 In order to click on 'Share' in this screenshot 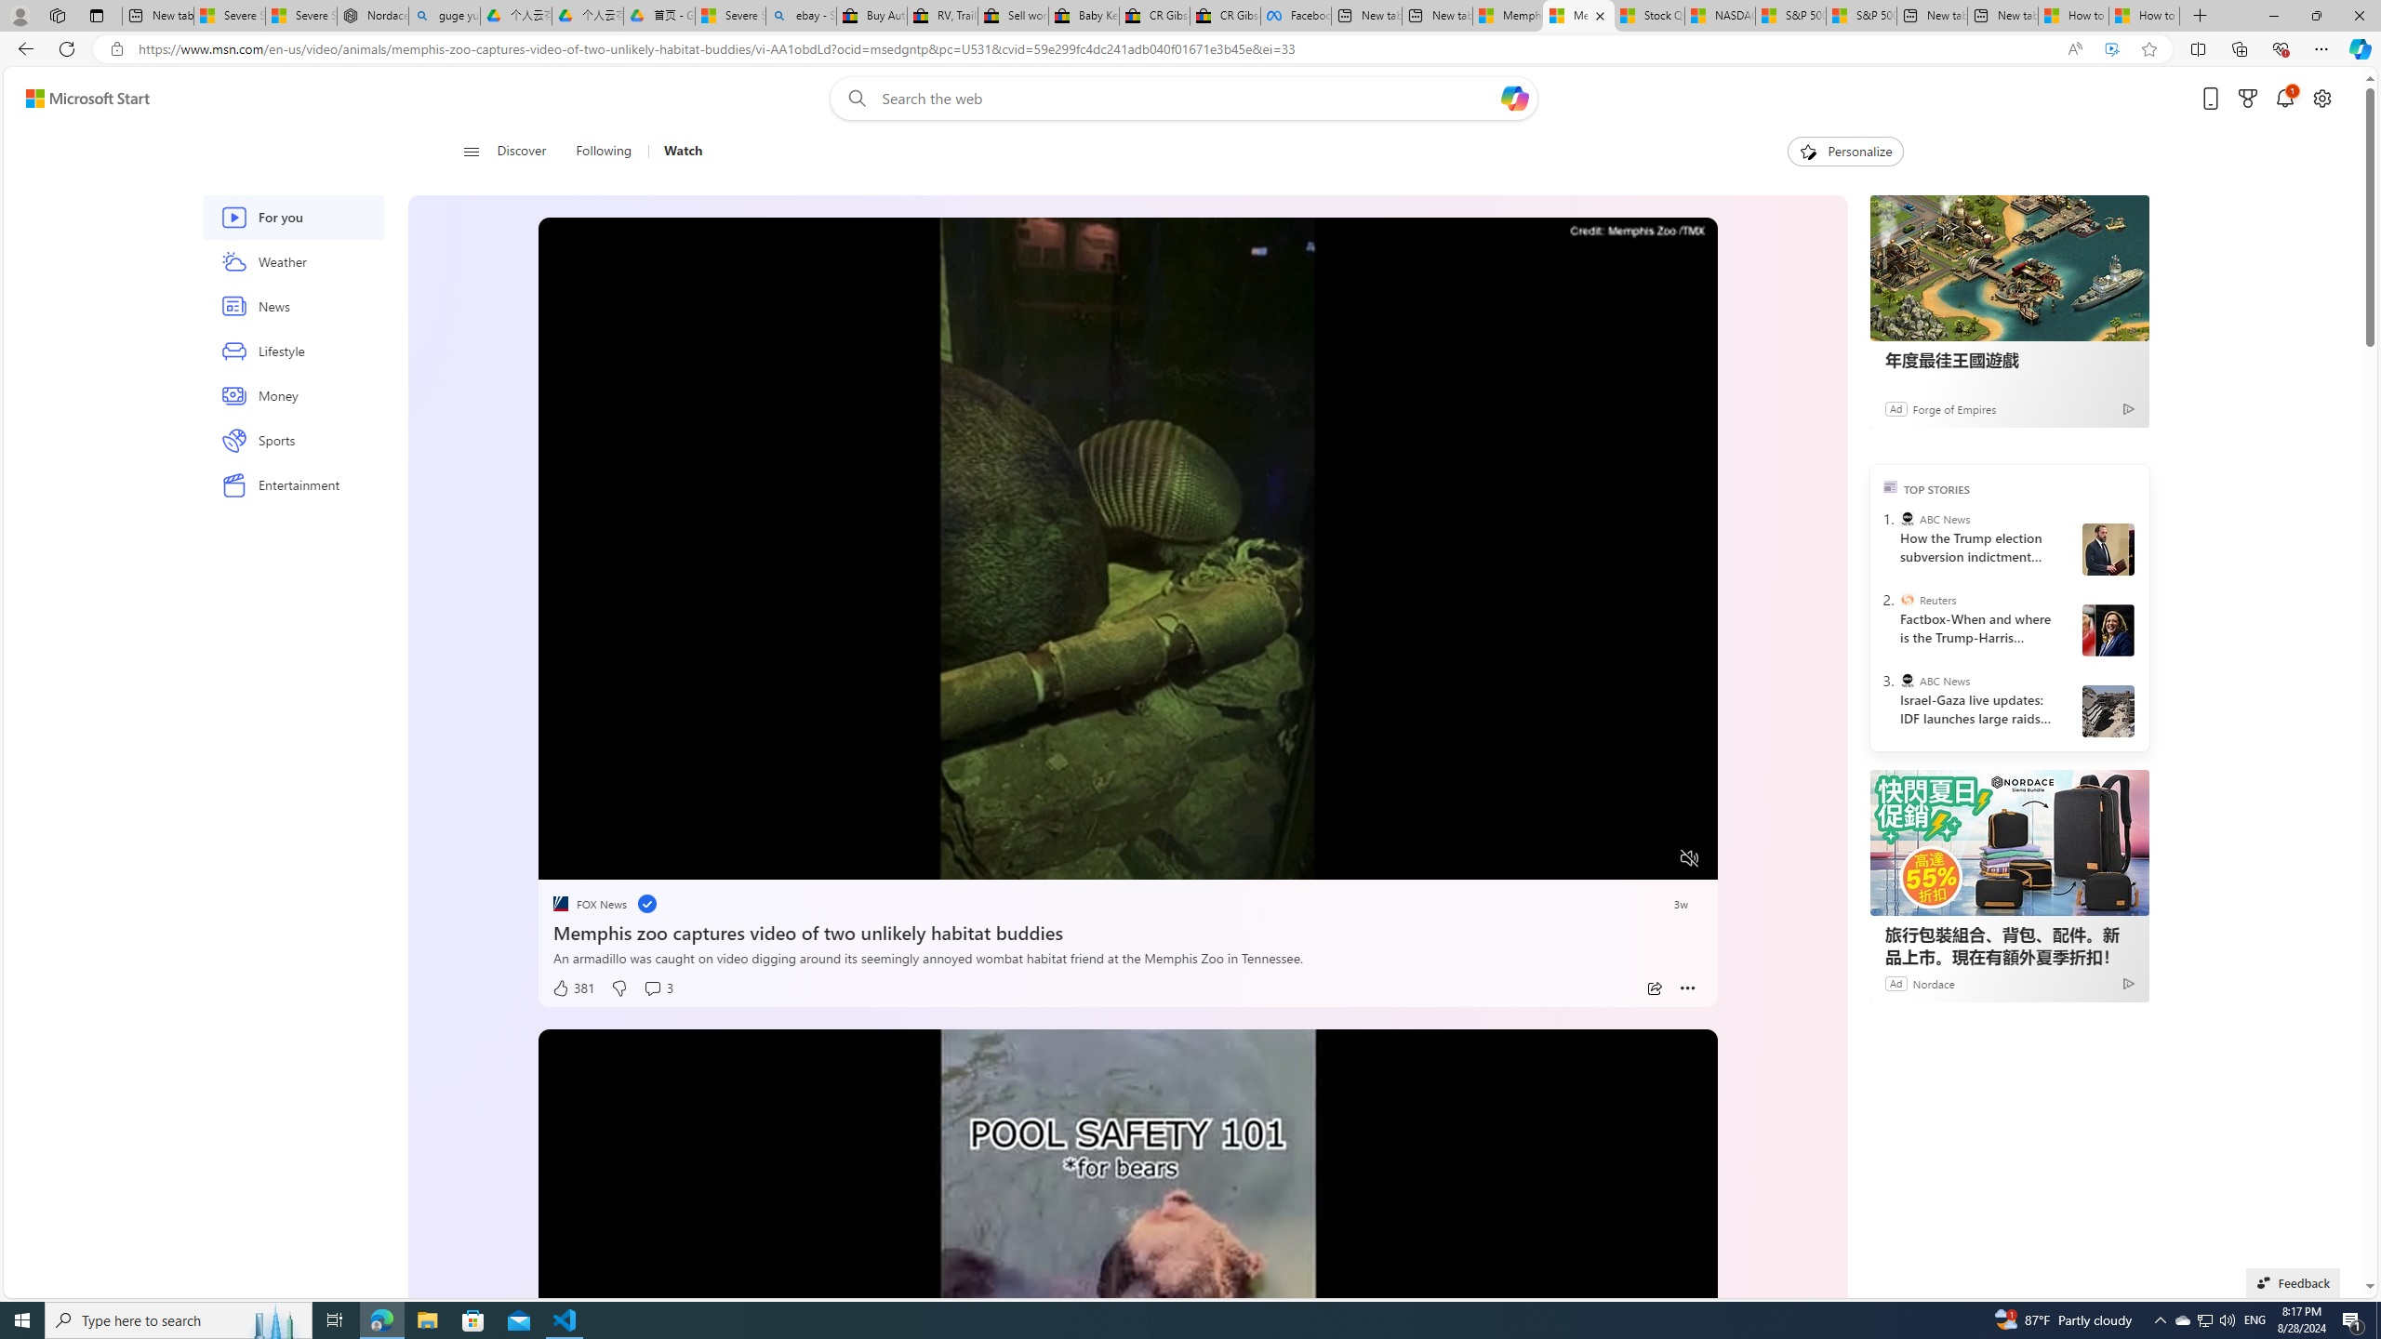, I will do `click(1653, 988)`.